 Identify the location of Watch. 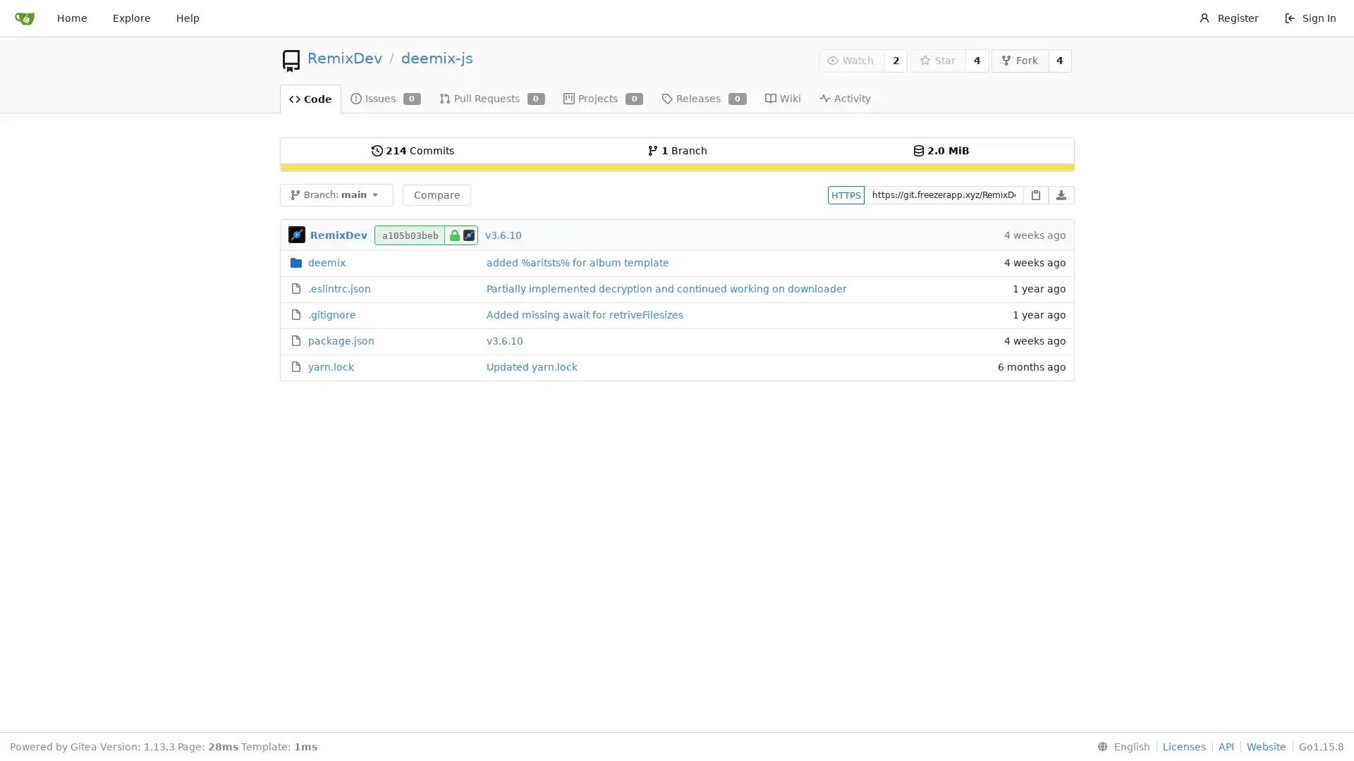
(850, 59).